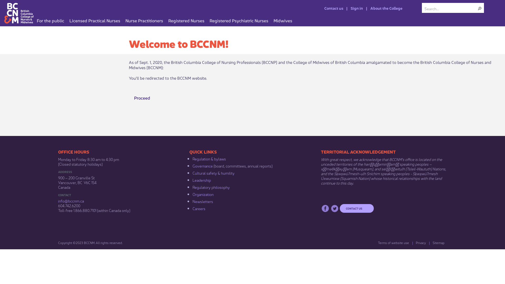  I want to click on 'Terms of website use', so click(375, 242).